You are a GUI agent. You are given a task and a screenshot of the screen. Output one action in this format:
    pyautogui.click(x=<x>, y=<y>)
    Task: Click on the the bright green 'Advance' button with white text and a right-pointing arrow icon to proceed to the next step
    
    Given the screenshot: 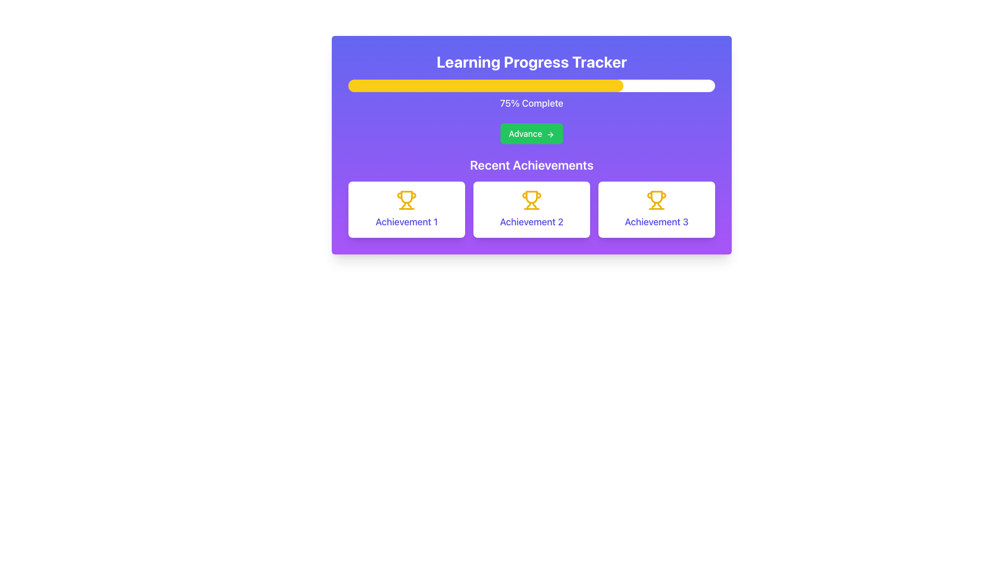 What is the action you would take?
    pyautogui.click(x=532, y=133)
    